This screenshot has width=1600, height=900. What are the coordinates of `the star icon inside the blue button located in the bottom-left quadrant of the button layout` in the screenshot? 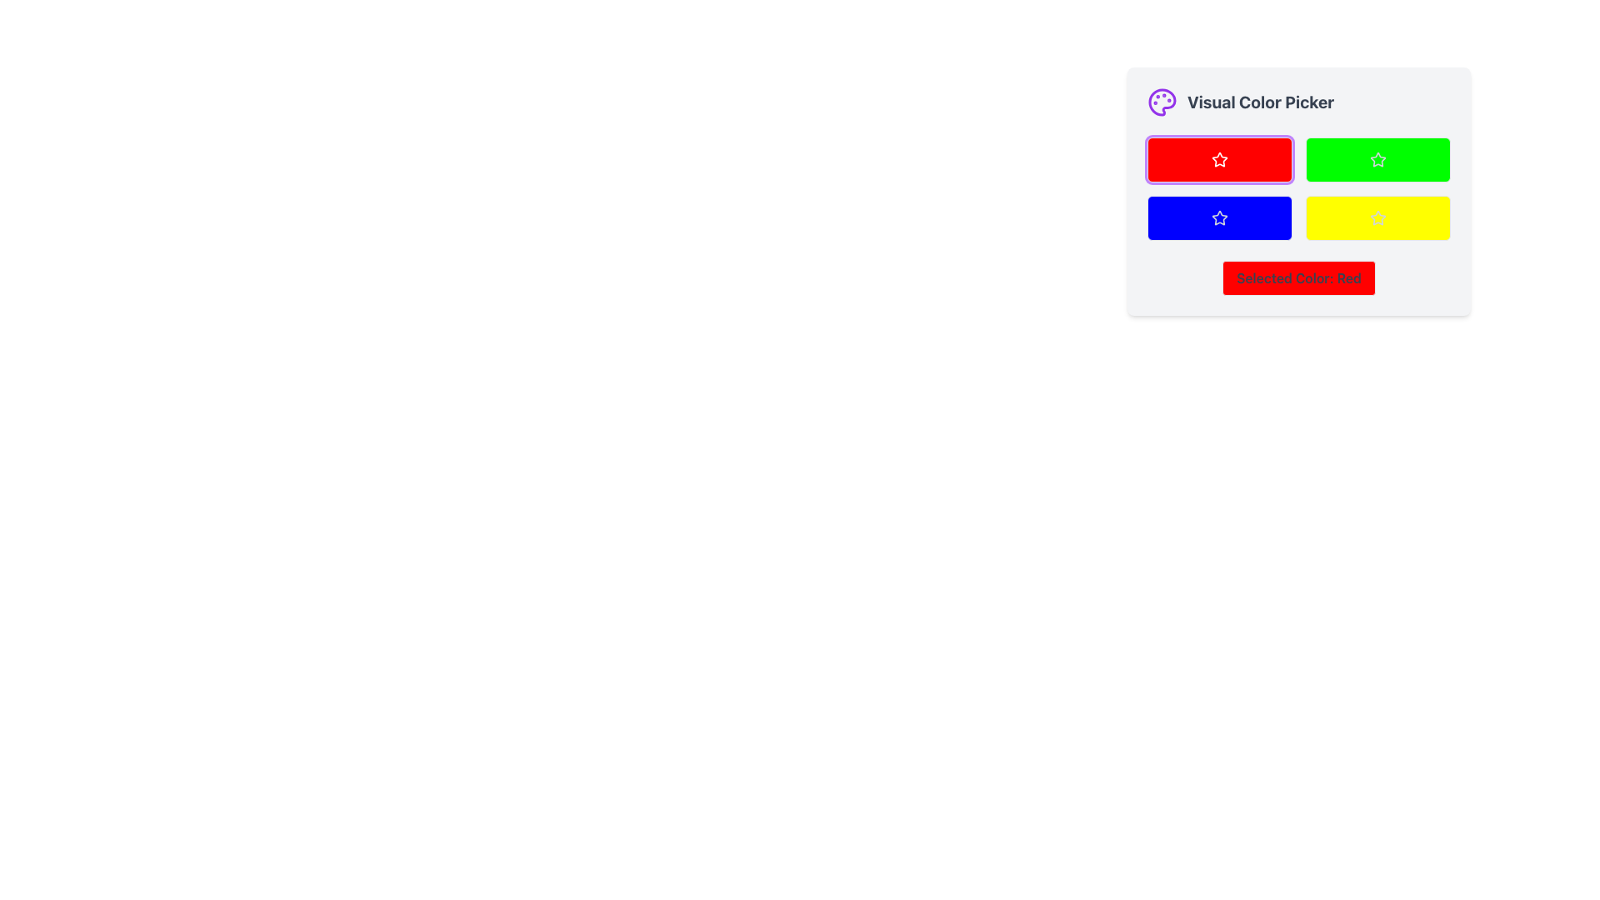 It's located at (1220, 217).